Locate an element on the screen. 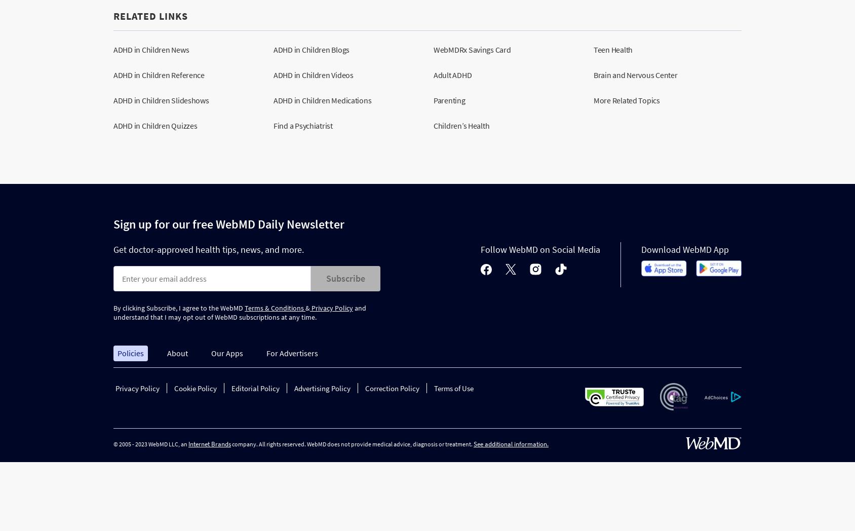 The image size is (855, 531). 'Advertising Policy' is located at coordinates (322, 388).